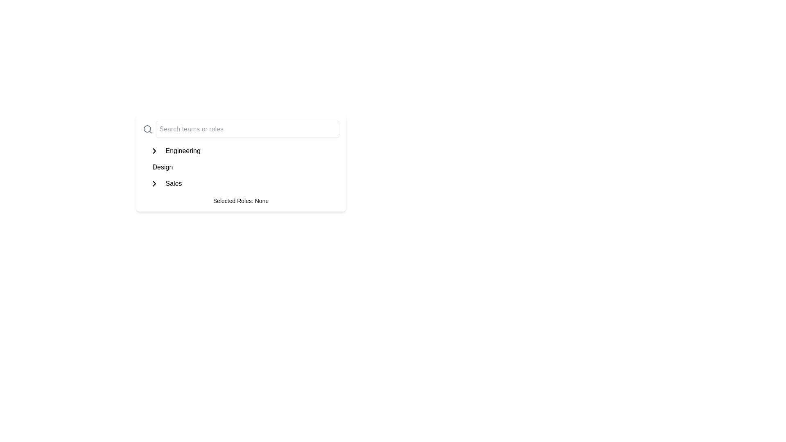 This screenshot has height=442, width=786. I want to click on the first list item labeled 'Engineering' that contains an expand button, so click(240, 151).